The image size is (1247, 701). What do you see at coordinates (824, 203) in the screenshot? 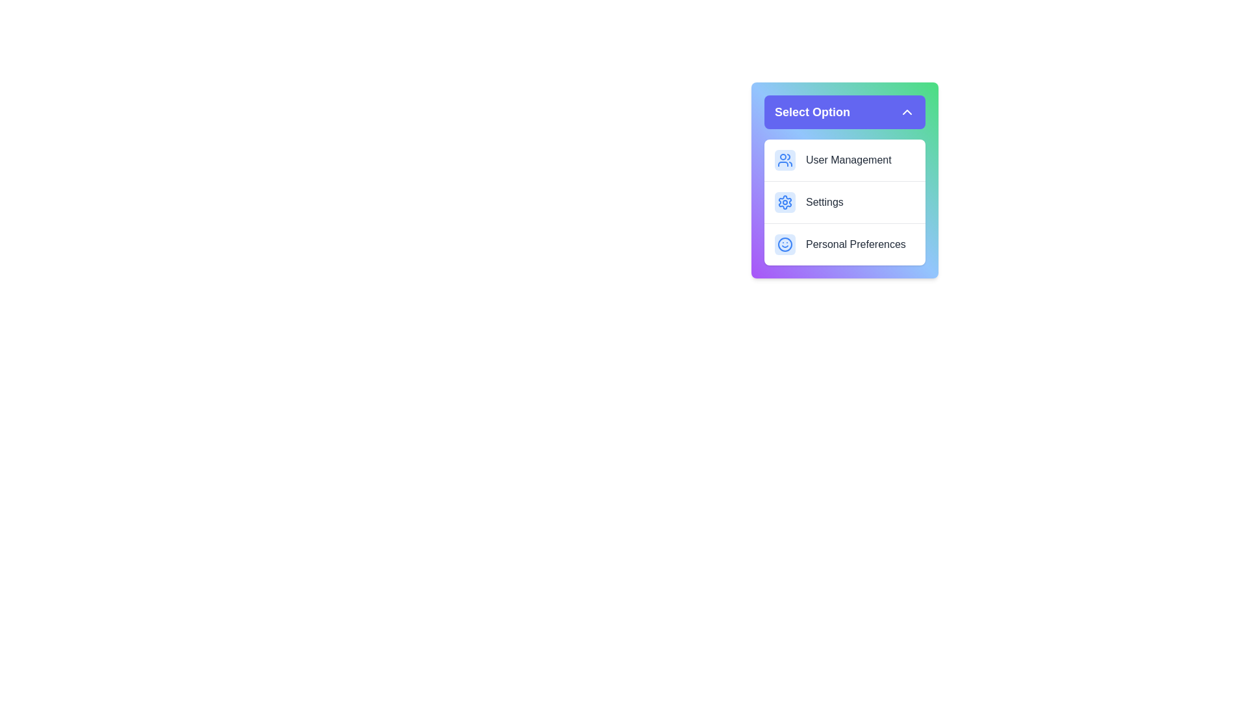
I see `the 'Settings' label in the dropdown menu` at bounding box center [824, 203].